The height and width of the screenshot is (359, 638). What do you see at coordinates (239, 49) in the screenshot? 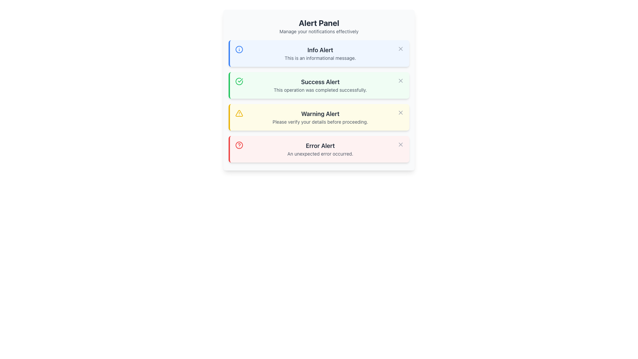
I see `the central circle of the blue 'Info' icon located in the leftmost part of the 'Info Alert' box in the notification panel` at bounding box center [239, 49].